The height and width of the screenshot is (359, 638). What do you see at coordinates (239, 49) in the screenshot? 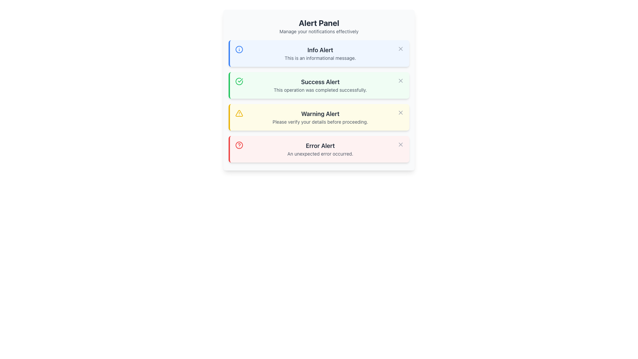
I see `the central circle of the blue 'Info' icon located in the leftmost part of the 'Info Alert' box in the notification panel` at bounding box center [239, 49].